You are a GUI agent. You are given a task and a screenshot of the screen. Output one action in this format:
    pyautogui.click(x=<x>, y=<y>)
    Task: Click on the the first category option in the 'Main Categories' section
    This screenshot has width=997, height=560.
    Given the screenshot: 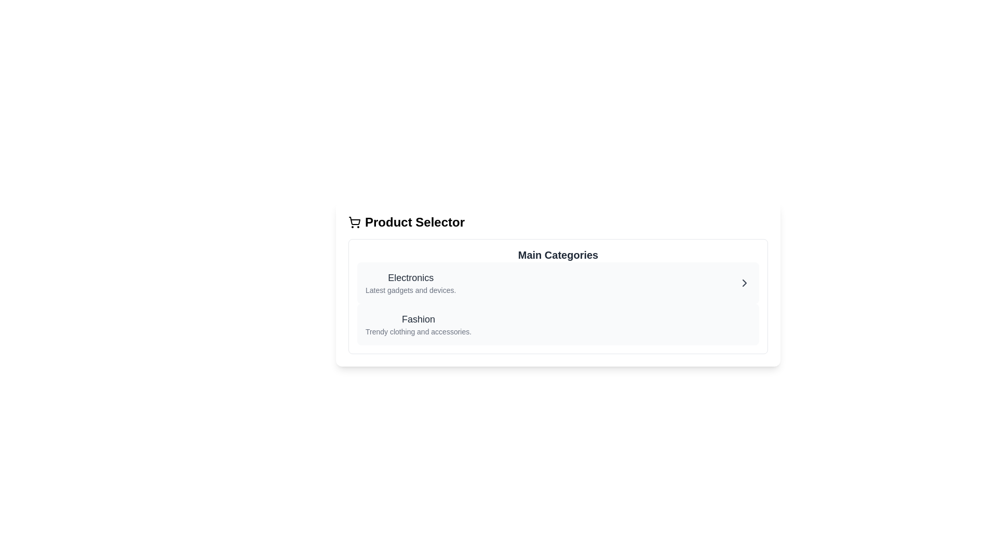 What is the action you would take?
    pyautogui.click(x=410, y=283)
    